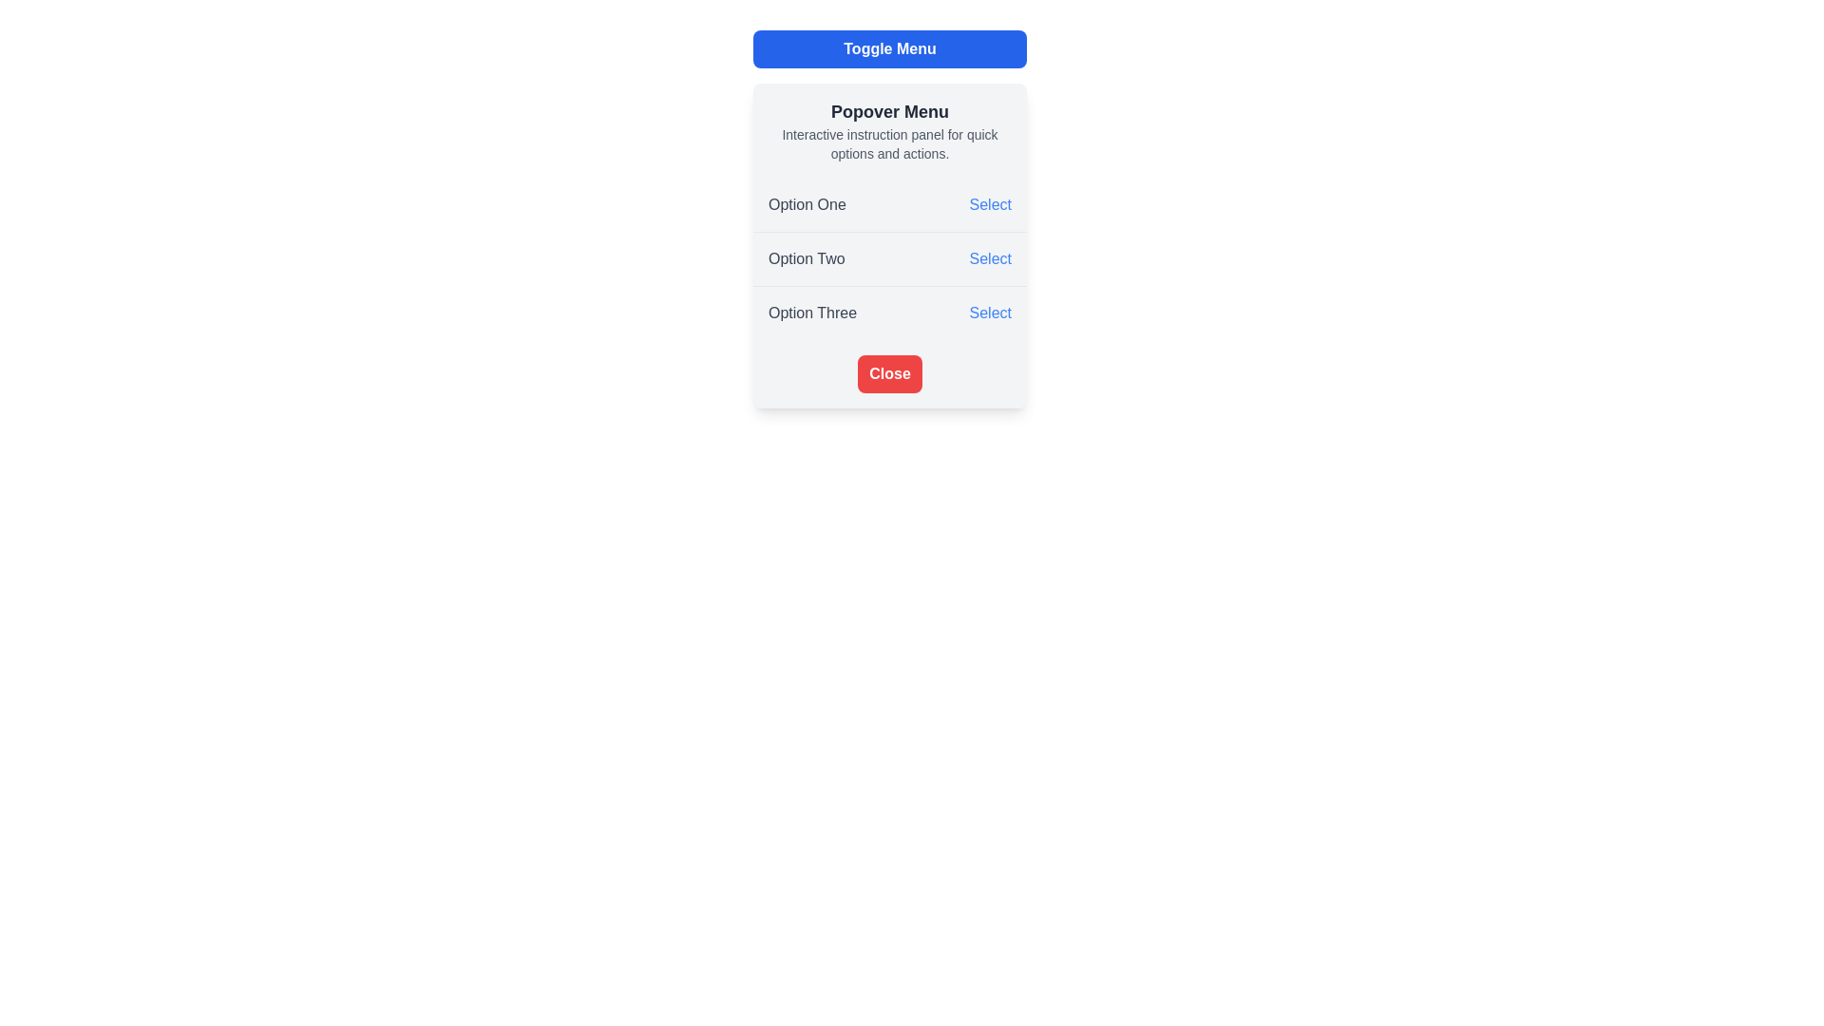 The width and height of the screenshot is (1824, 1026). Describe the element at coordinates (807, 259) in the screenshot. I see `the second text label in the vertical list of options inside the popover menu, positioned between 'Option One' and 'Option Three'` at that location.